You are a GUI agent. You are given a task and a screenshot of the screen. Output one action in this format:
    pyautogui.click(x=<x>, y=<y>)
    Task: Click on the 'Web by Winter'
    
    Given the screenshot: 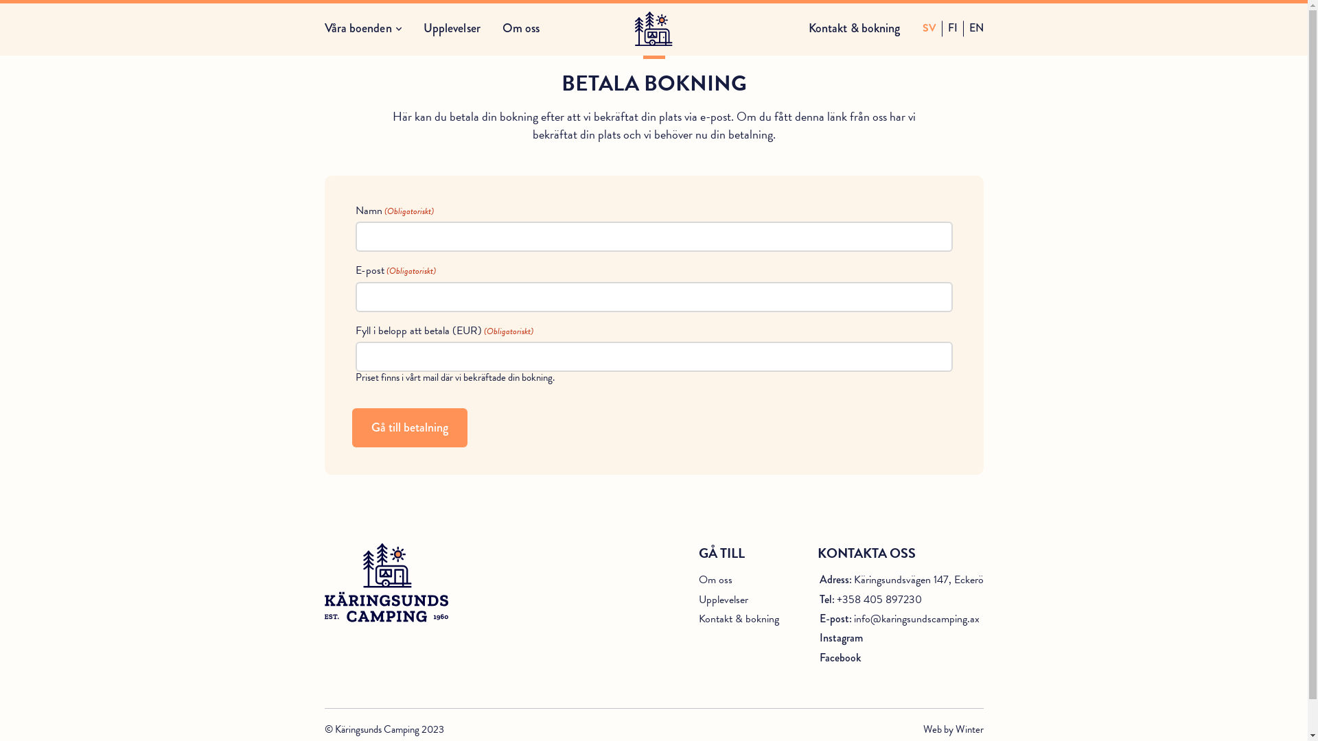 What is the action you would take?
    pyautogui.click(x=951, y=729)
    